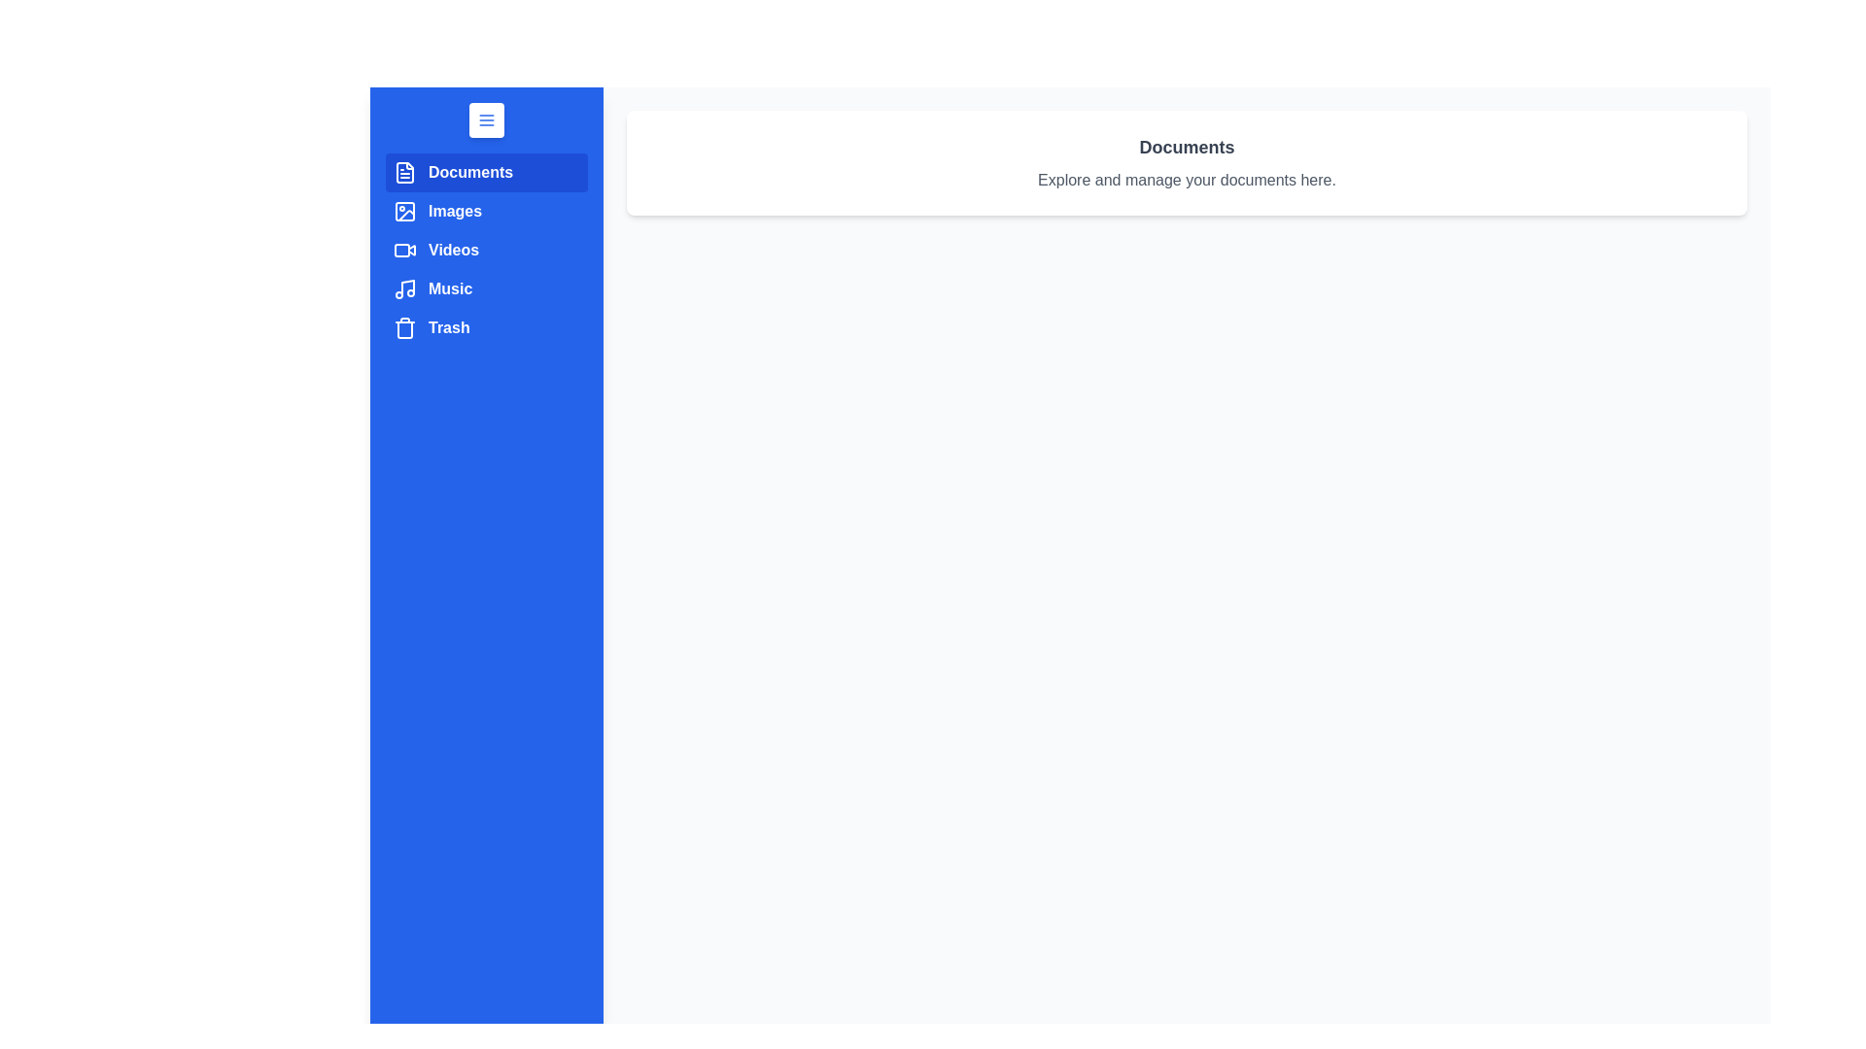 The width and height of the screenshot is (1866, 1049). What do you see at coordinates (486, 250) in the screenshot?
I see `the category Videos from the sidebar` at bounding box center [486, 250].